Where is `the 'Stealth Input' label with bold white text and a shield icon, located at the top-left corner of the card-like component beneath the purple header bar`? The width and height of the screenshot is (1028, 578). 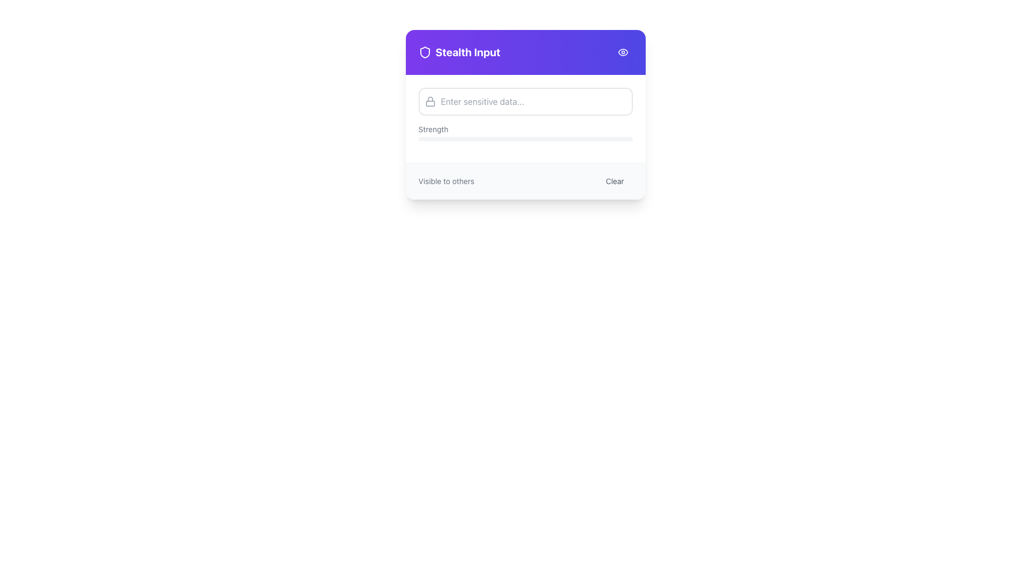 the 'Stealth Input' label with bold white text and a shield icon, located at the top-left corner of the card-like component beneath the purple header bar is located at coordinates (459, 52).